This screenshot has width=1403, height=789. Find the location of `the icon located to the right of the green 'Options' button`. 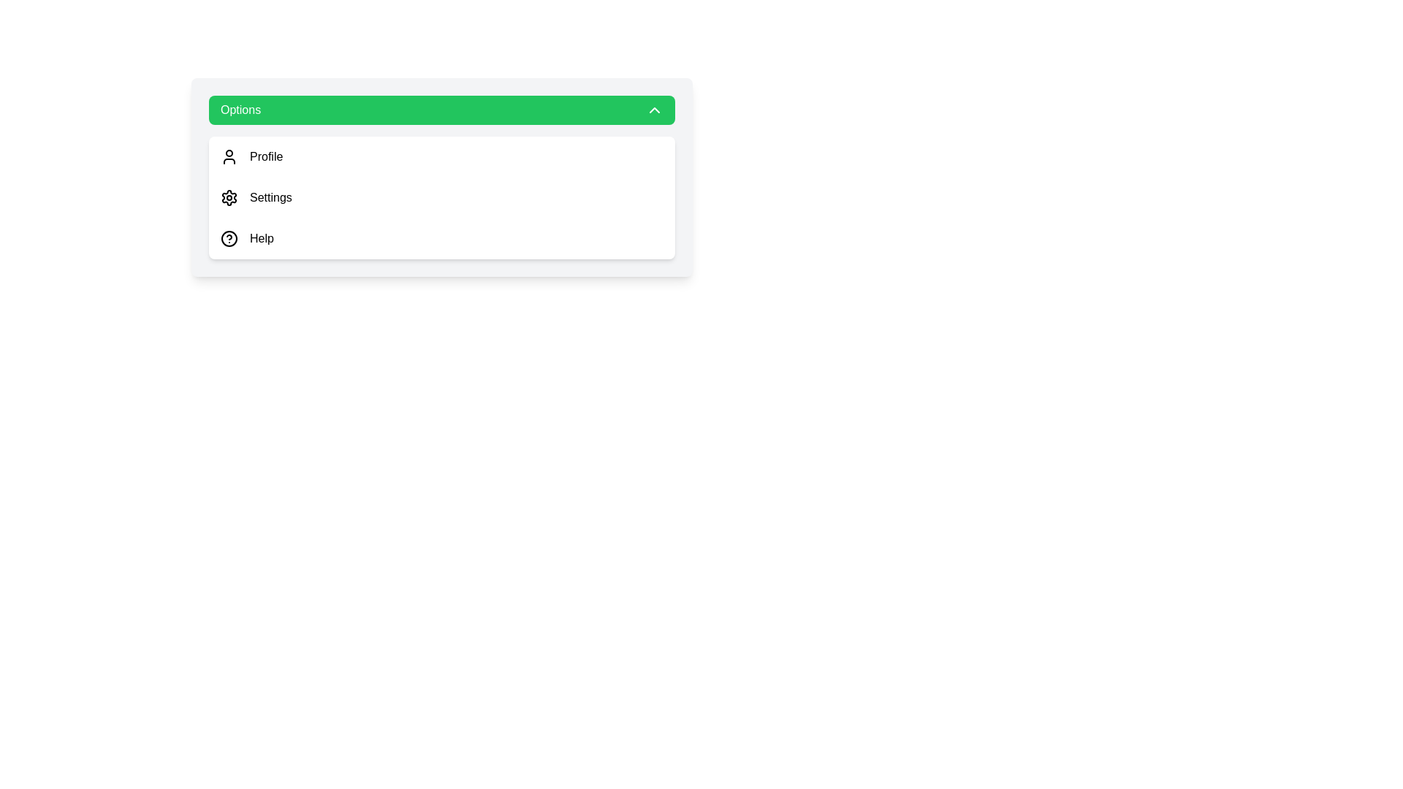

the icon located to the right of the green 'Options' button is located at coordinates (654, 109).